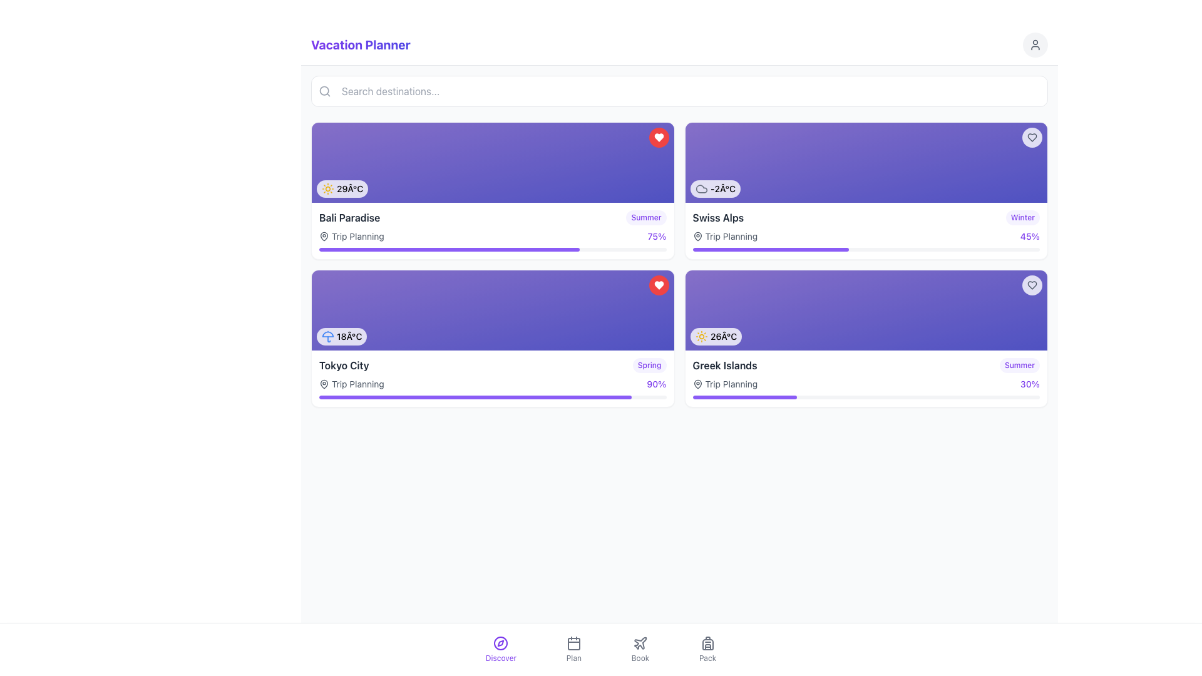  Describe the element at coordinates (716, 335) in the screenshot. I see `the displayed temperature and sun icon information in the bottom-left corner of the 'Greek Islands' card` at that location.